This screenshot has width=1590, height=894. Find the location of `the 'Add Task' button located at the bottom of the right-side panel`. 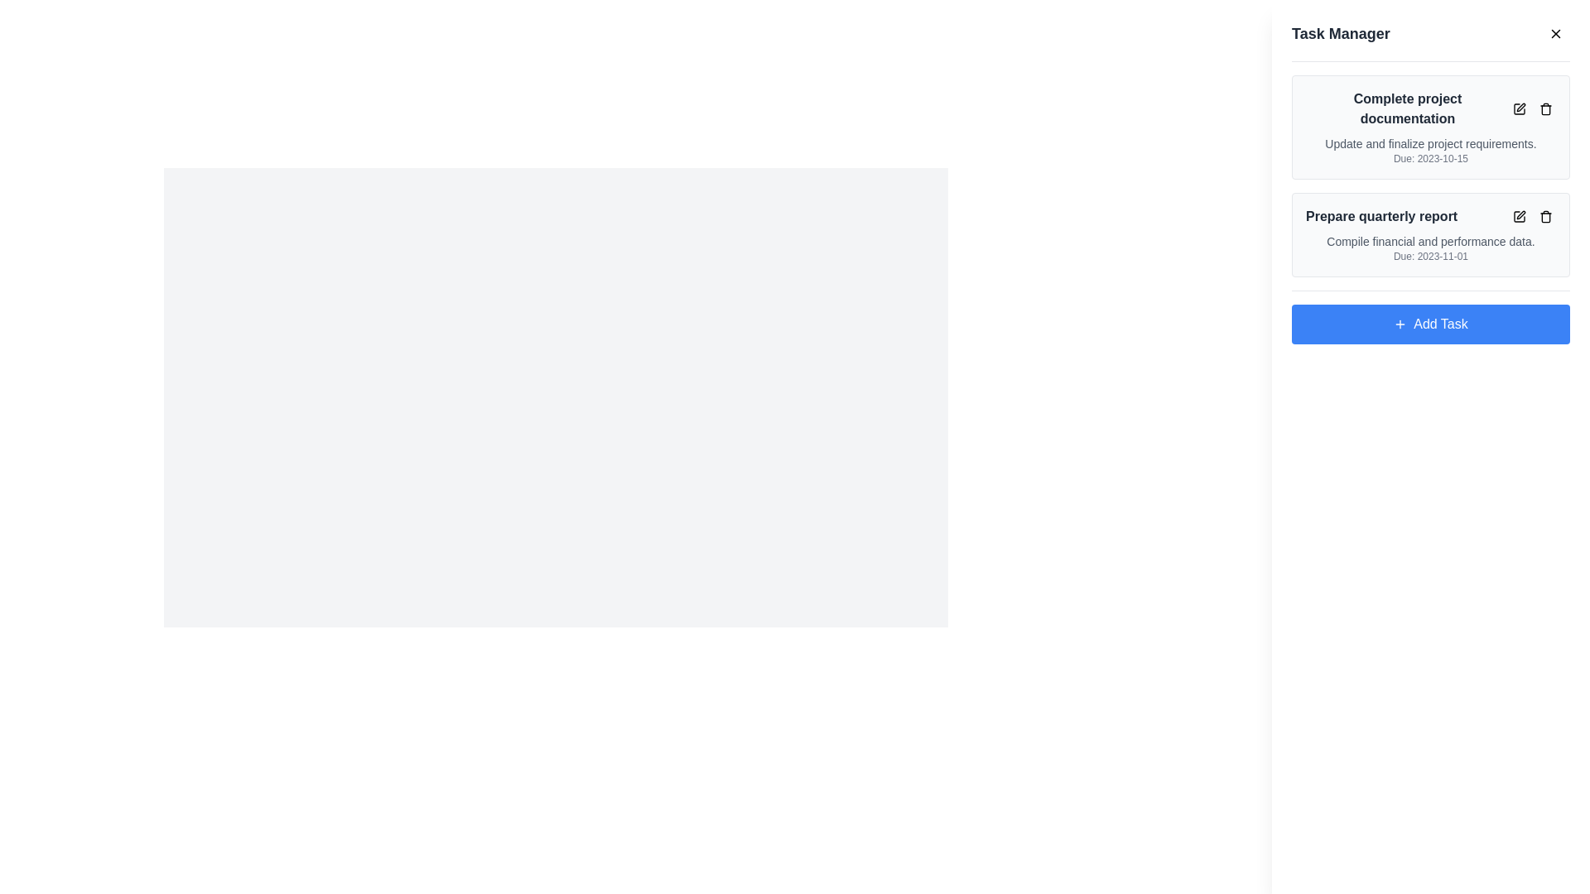

the 'Add Task' button located at the bottom of the right-side panel is located at coordinates (1430, 317).